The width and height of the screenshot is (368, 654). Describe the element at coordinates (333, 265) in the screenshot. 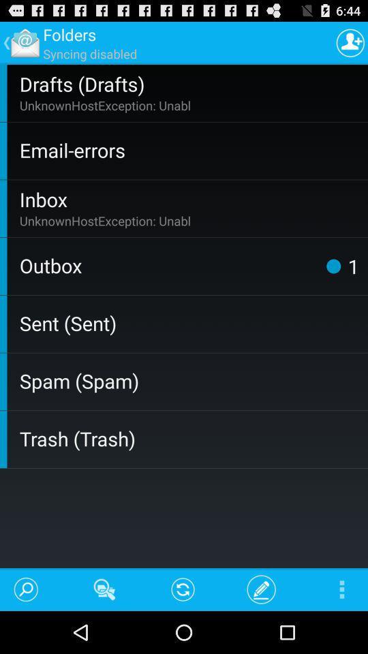

I see `the app below the unknownhostexception: unabl item` at that location.